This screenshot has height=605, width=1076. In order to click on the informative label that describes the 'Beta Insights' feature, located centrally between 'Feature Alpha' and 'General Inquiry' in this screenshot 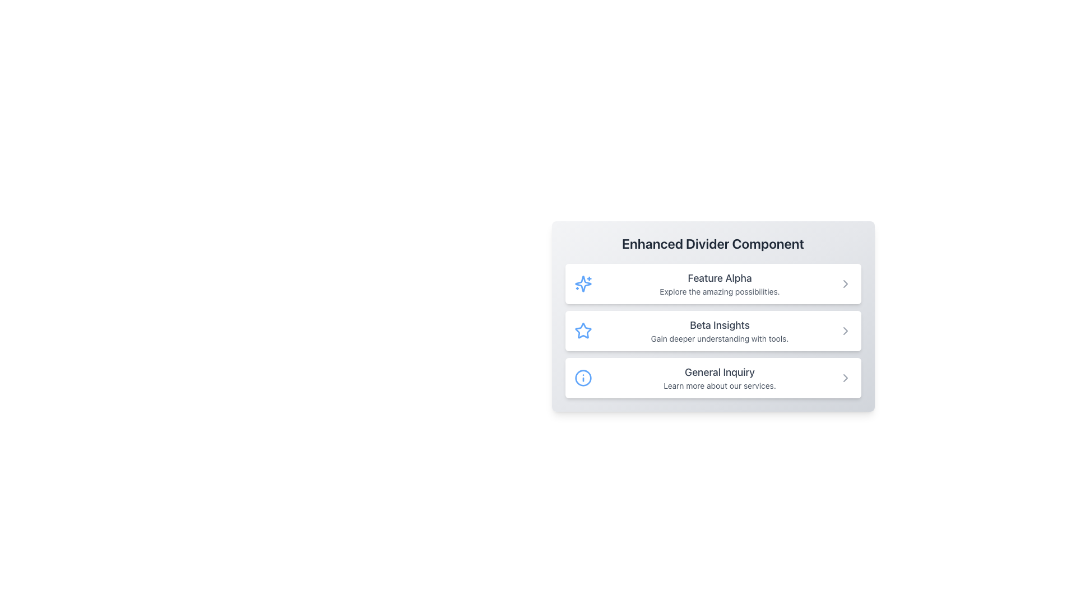, I will do `click(720, 330)`.